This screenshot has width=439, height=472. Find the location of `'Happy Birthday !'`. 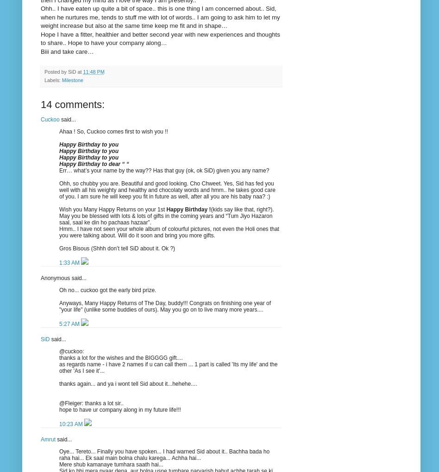

'Happy Birthday !' is located at coordinates (188, 208).